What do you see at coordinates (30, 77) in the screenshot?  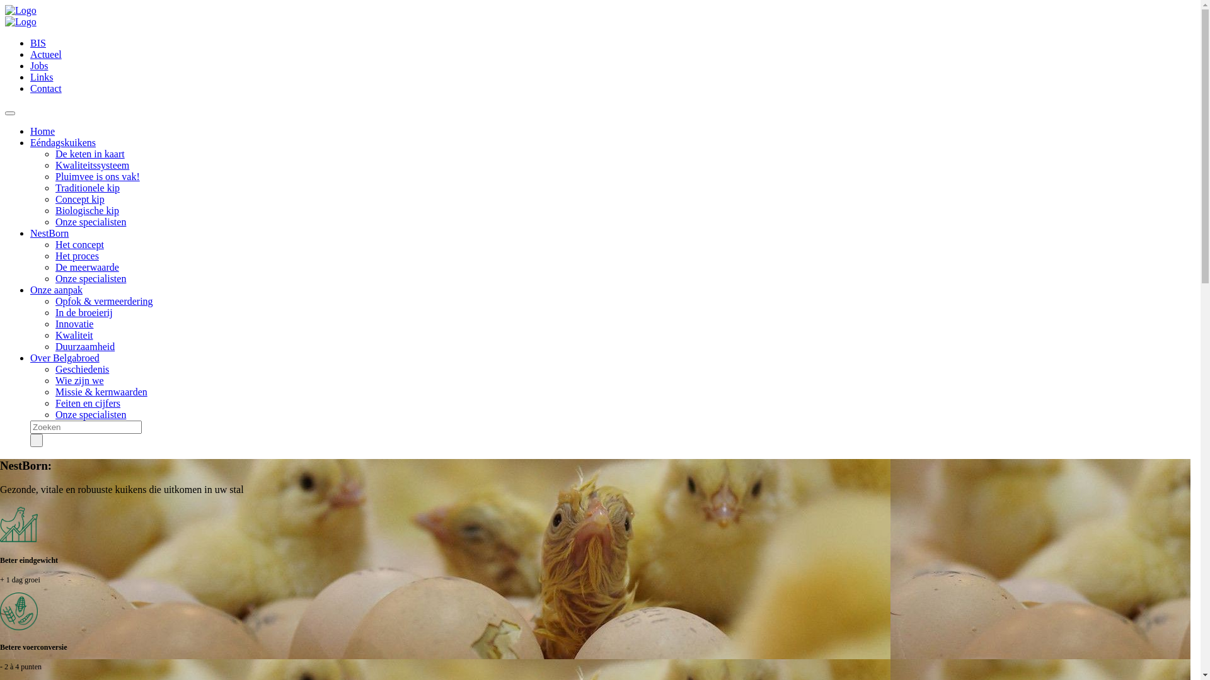 I see `'Links'` at bounding box center [30, 77].